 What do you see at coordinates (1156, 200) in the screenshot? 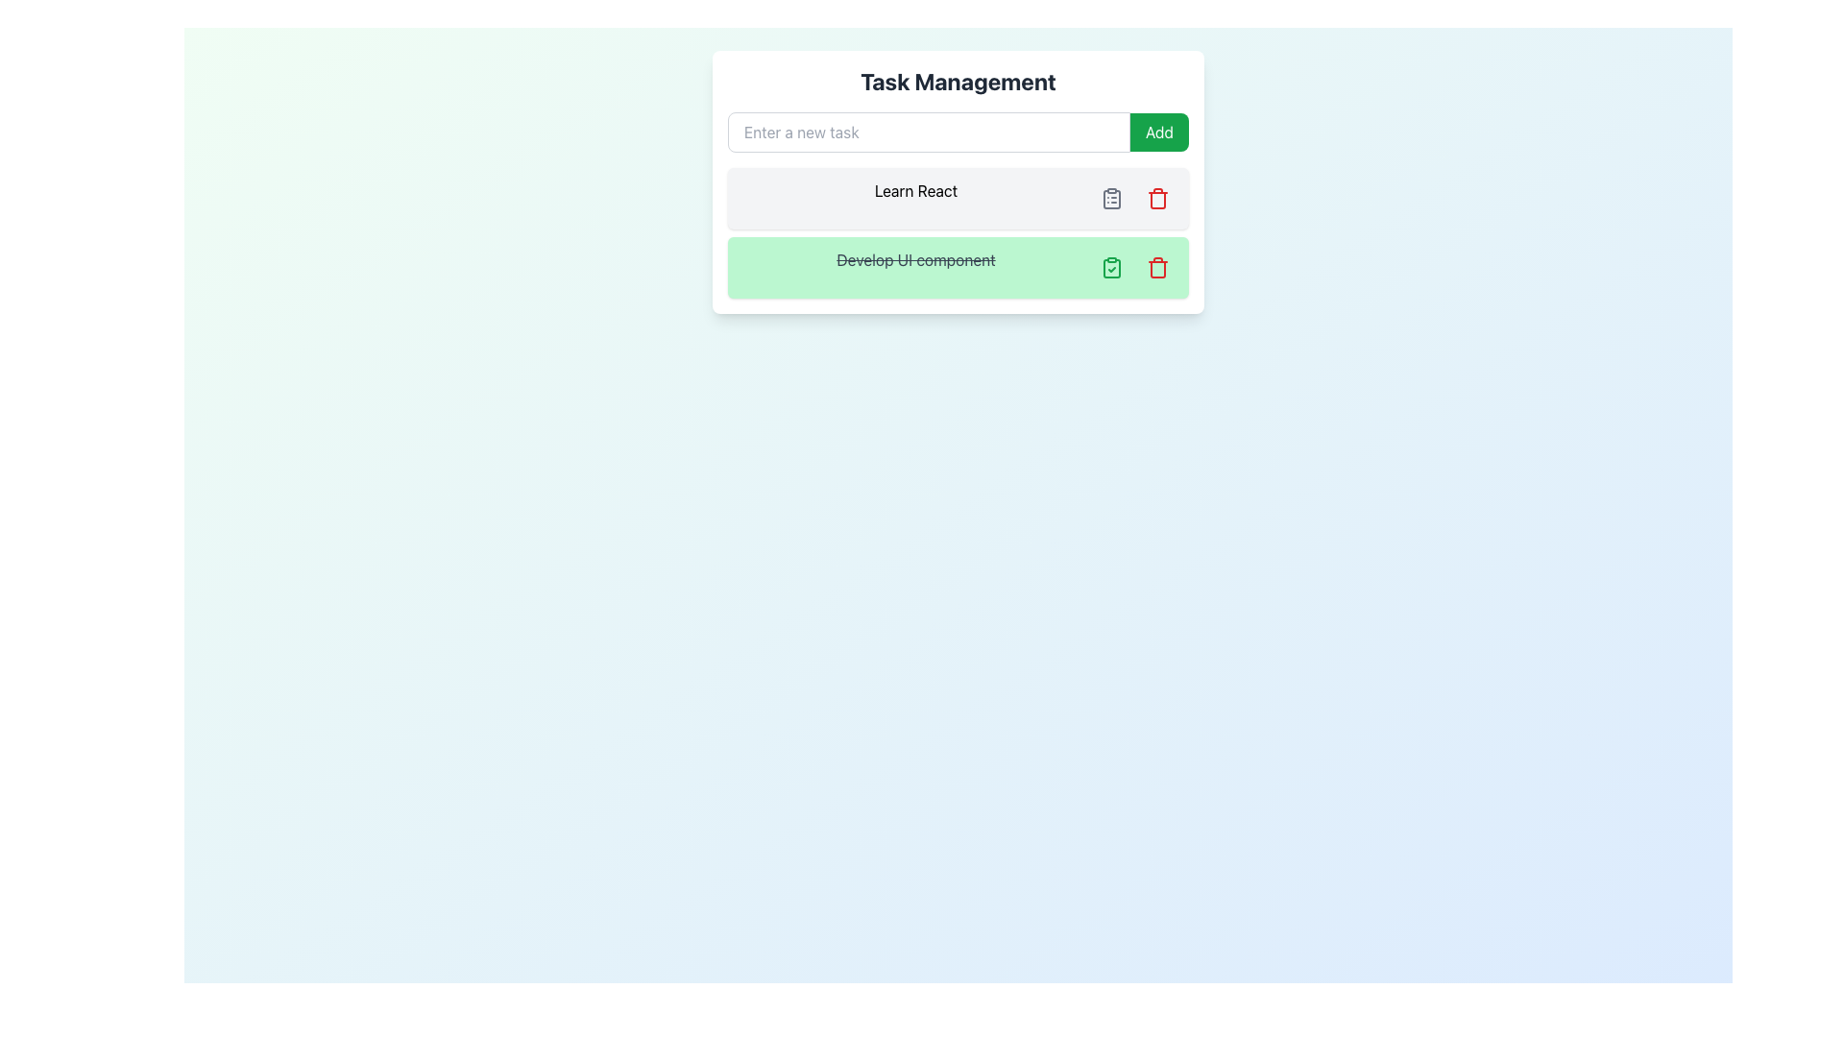
I see `the delete icon located in the rightmost section of the second task item titled 'Develop UI component'` at bounding box center [1156, 200].